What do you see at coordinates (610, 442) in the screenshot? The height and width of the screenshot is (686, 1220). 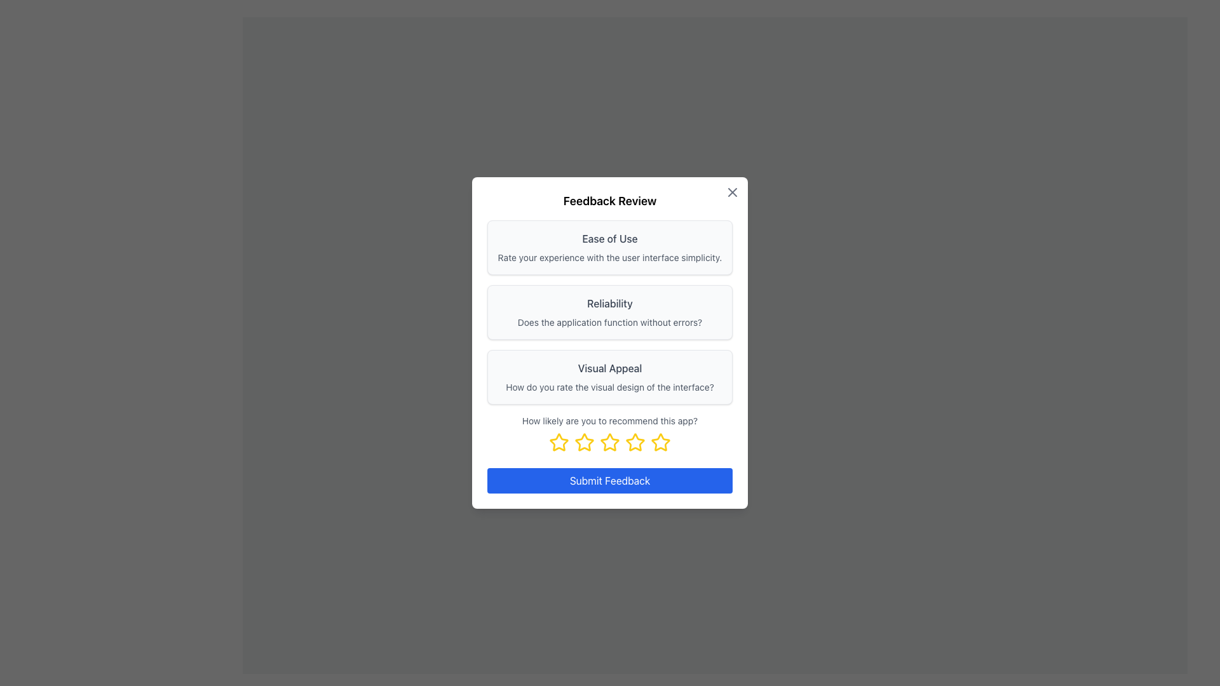 I see `the central star icon in the rating scale below the text 'How likely are you to recommend this app?'` at bounding box center [610, 442].